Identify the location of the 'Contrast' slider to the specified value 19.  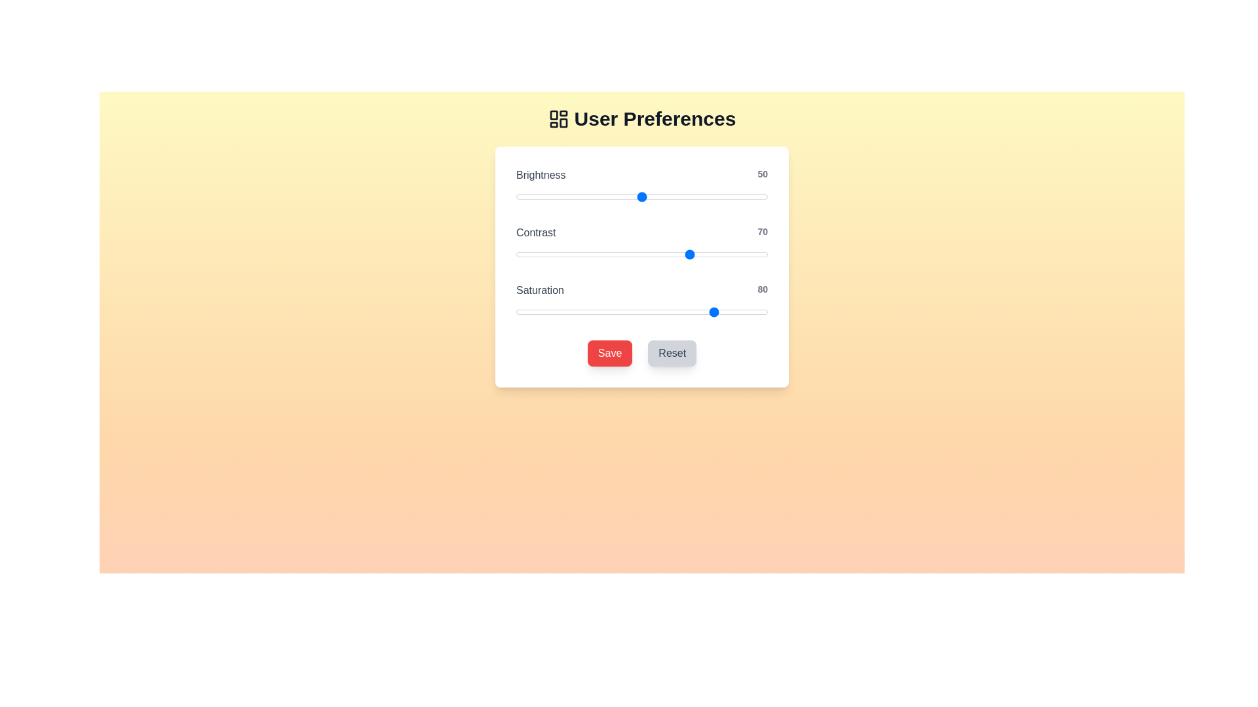
(563, 255).